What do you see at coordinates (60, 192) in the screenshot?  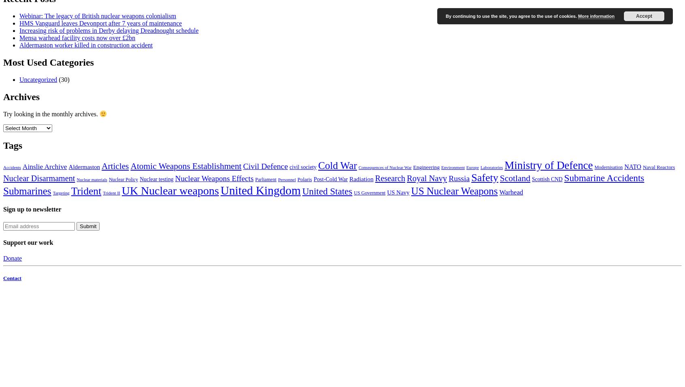 I see `'Targeting'` at bounding box center [60, 192].